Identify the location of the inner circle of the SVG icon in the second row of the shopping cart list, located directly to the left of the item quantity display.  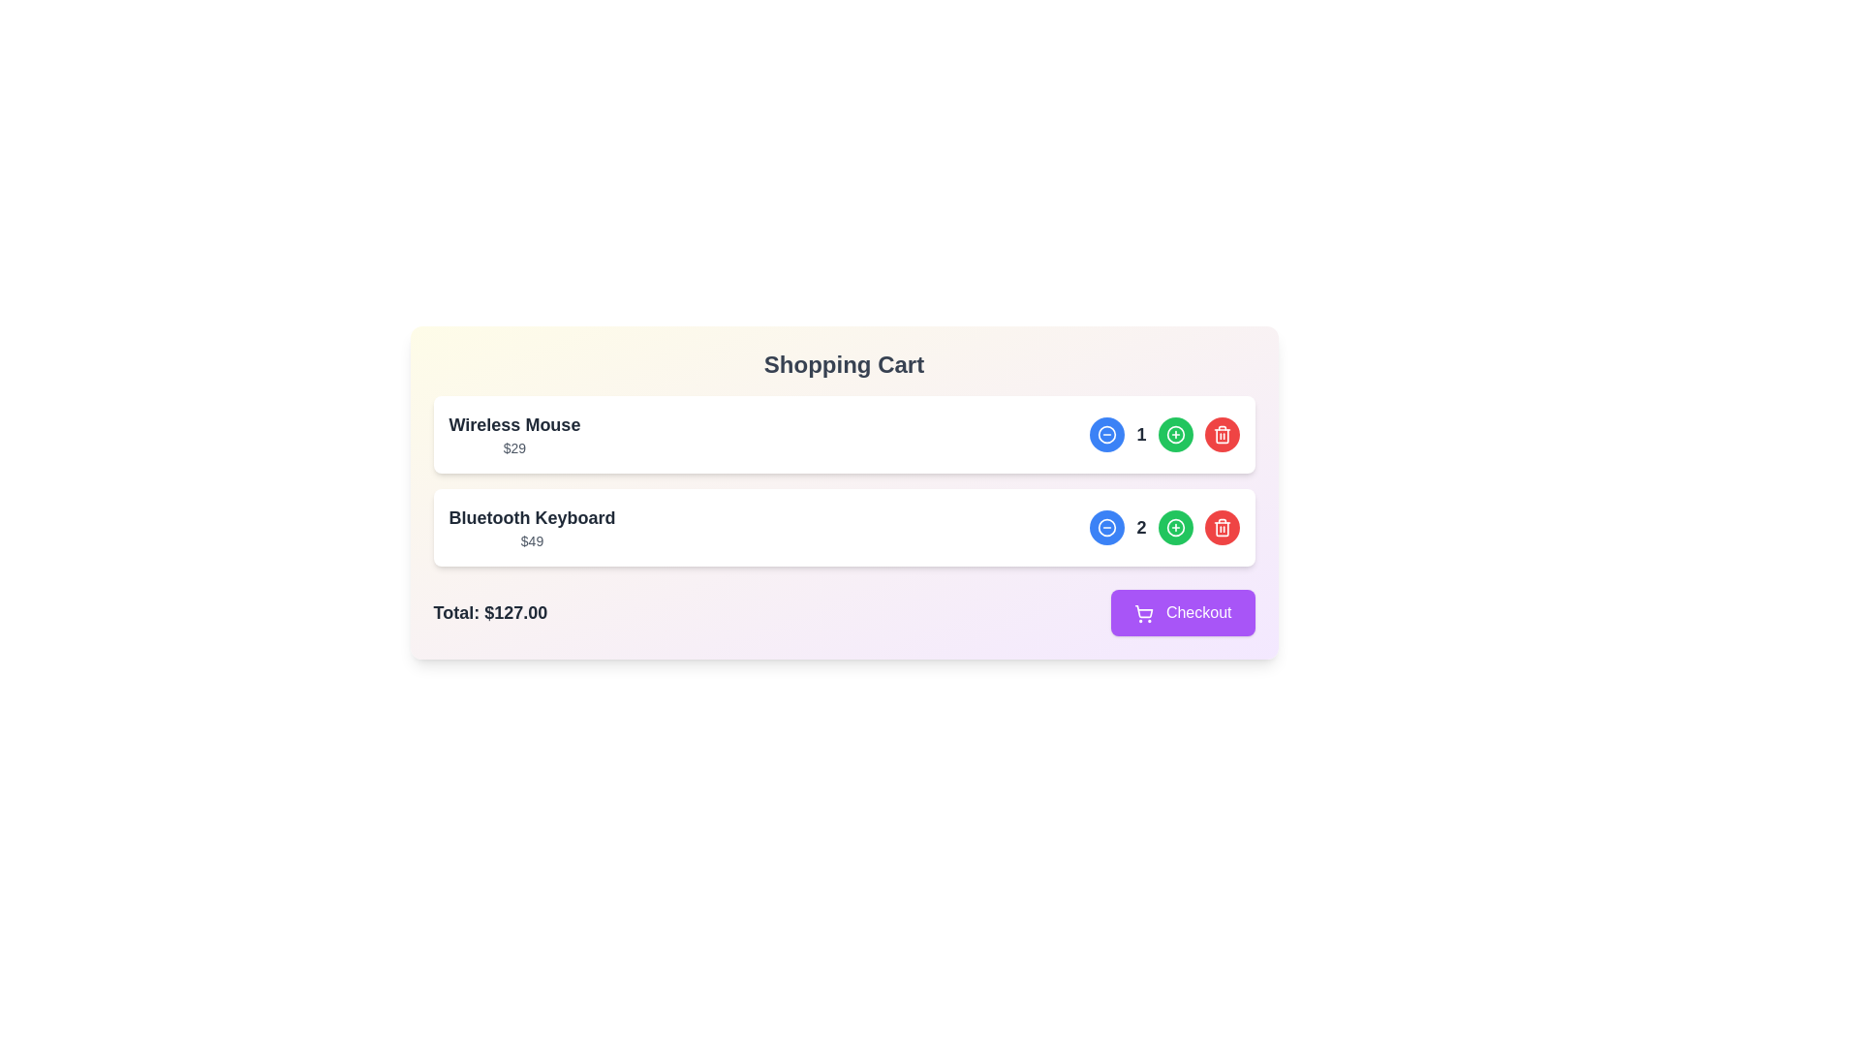
(1107, 527).